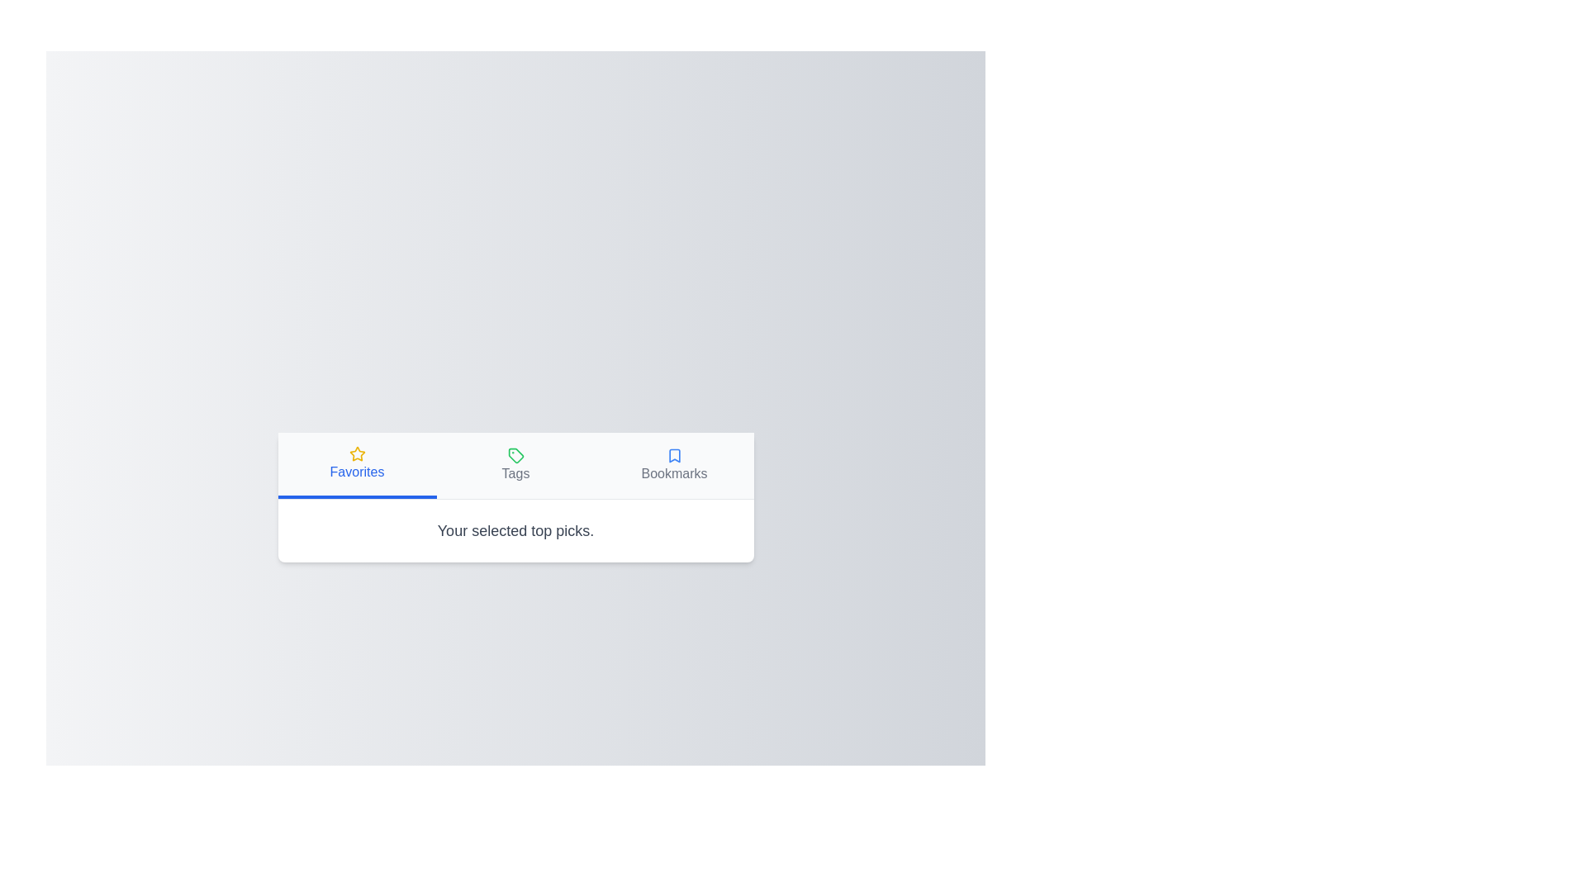 The width and height of the screenshot is (1586, 892). What do you see at coordinates (356, 465) in the screenshot?
I see `the tab labeled Favorites` at bounding box center [356, 465].